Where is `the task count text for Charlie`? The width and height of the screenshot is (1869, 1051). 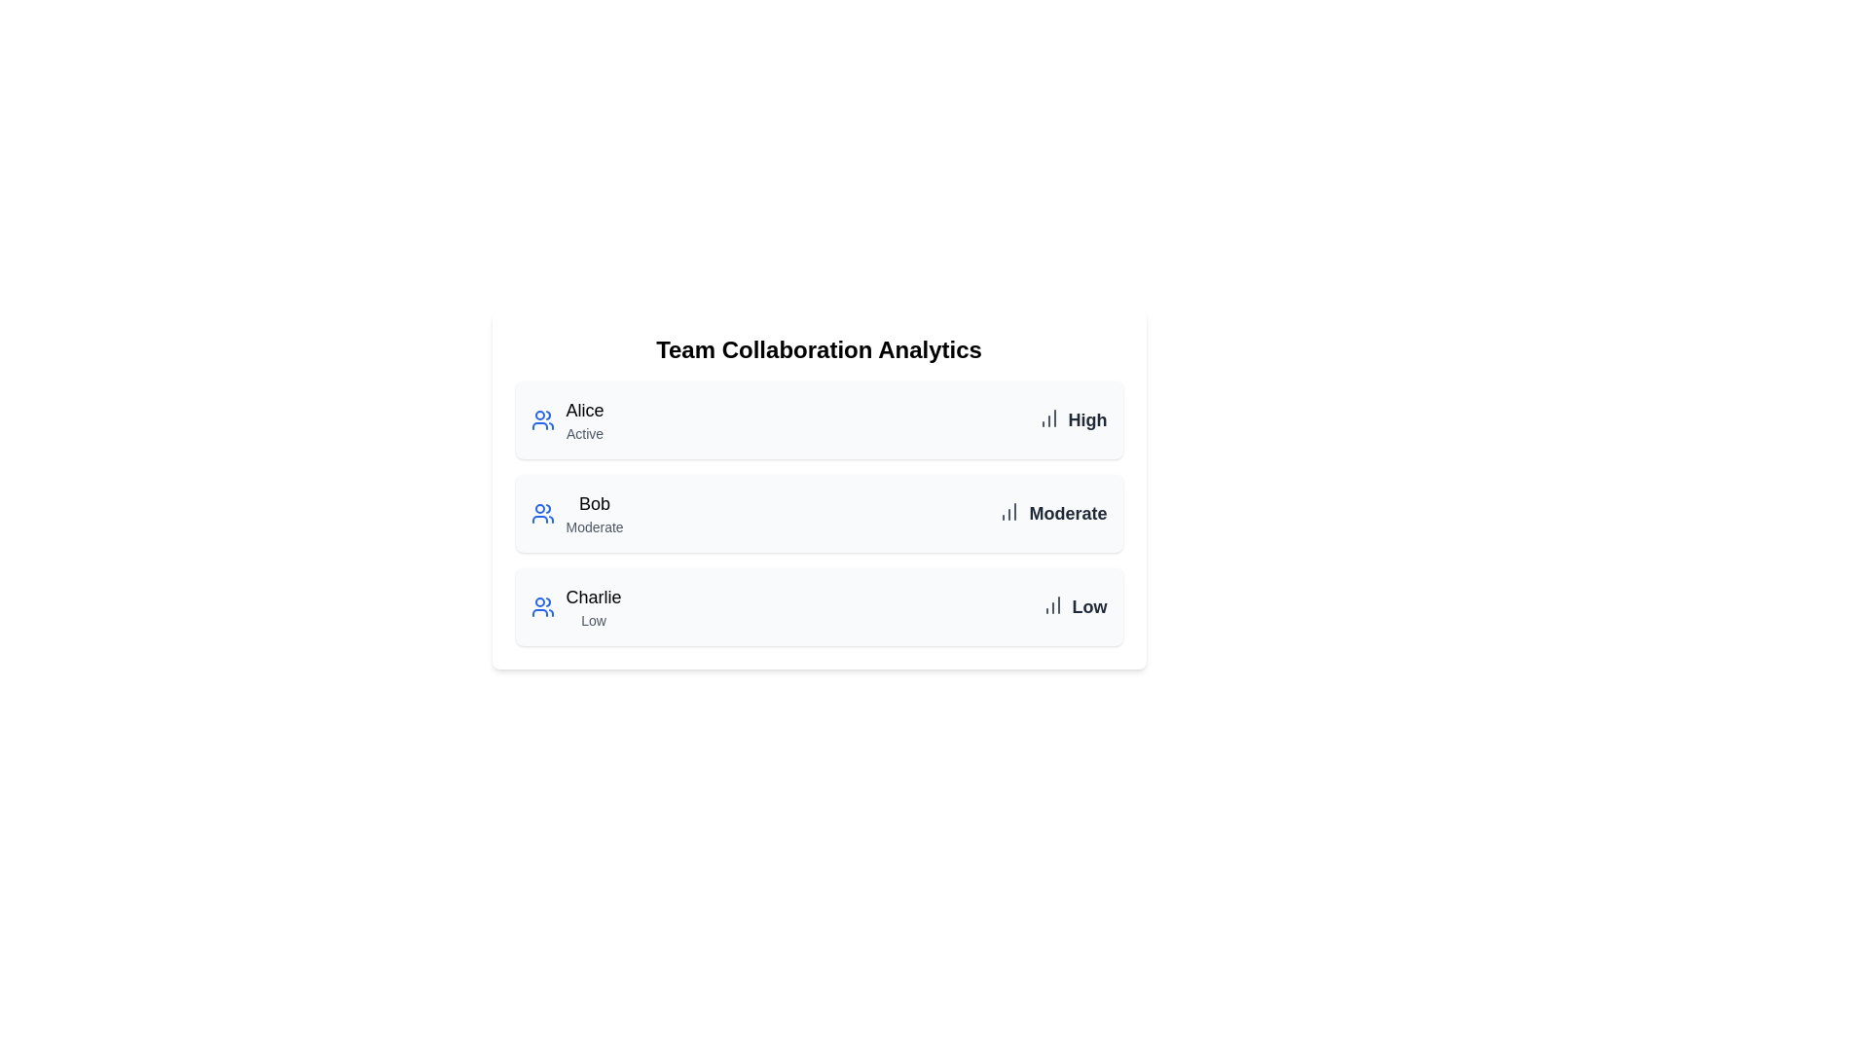 the task count text for Charlie is located at coordinates (1088, 606).